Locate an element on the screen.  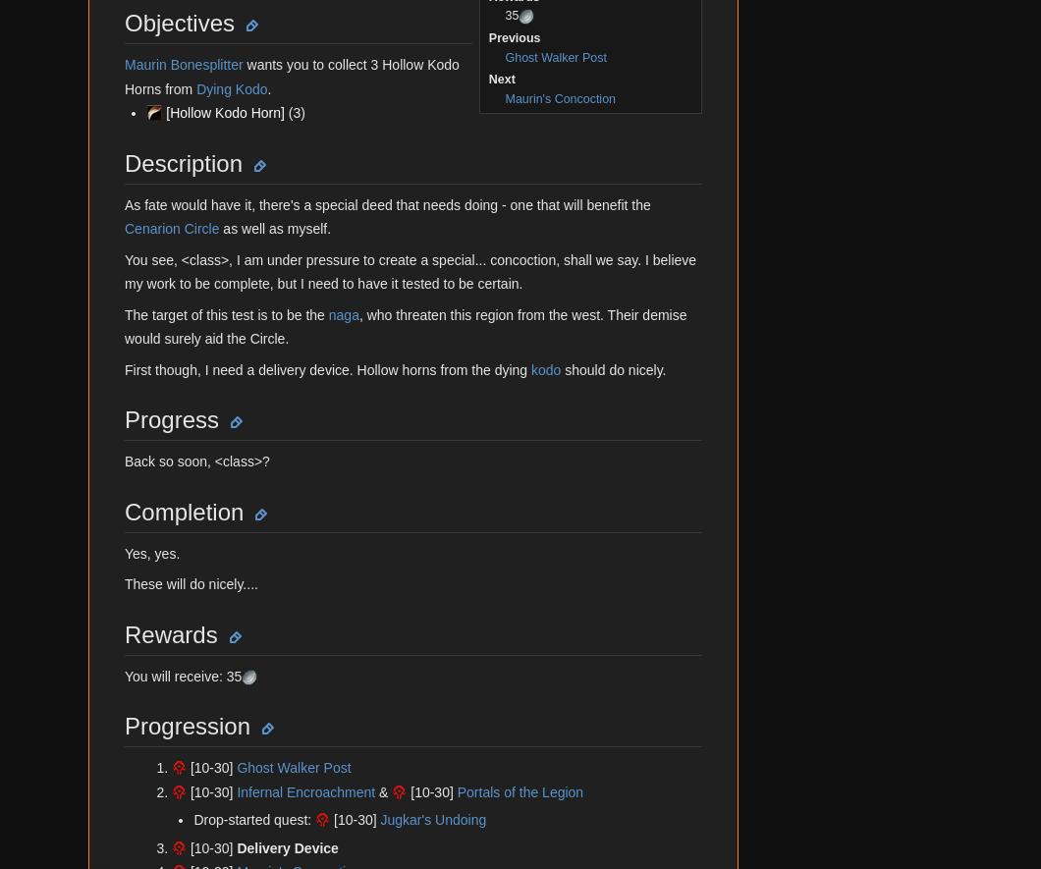
'Press' is located at coordinates (99, 457).